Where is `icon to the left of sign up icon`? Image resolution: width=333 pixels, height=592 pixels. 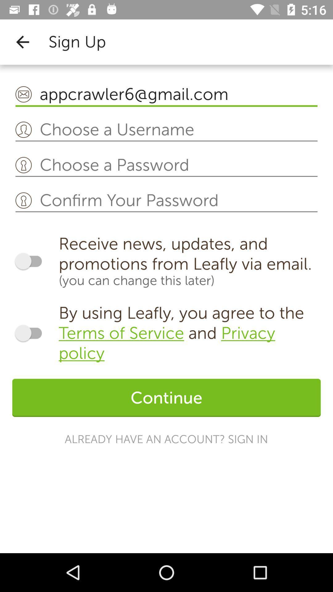
icon to the left of sign up icon is located at coordinates (22, 42).